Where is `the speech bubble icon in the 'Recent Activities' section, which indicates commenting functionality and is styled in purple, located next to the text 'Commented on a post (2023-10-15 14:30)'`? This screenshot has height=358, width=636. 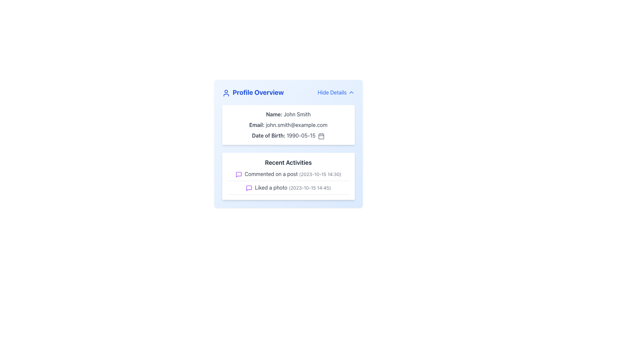 the speech bubble icon in the 'Recent Activities' section, which indicates commenting functionality and is styled in purple, located next to the text 'Commented on a post (2023-10-15 14:30)' is located at coordinates (238, 174).